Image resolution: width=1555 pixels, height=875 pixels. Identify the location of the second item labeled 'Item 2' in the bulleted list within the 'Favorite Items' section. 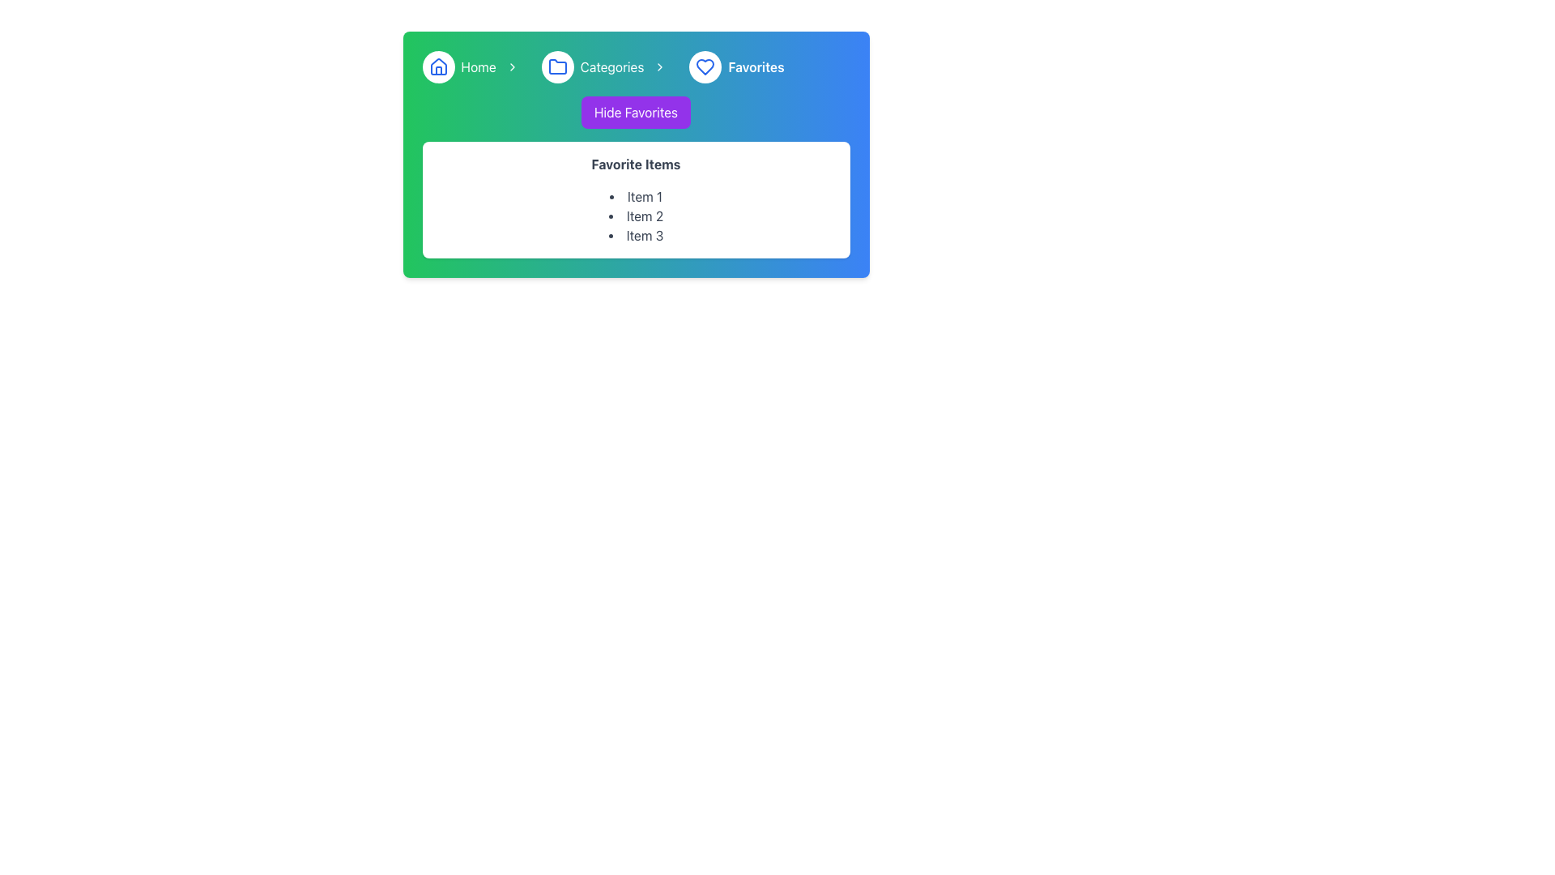
(635, 215).